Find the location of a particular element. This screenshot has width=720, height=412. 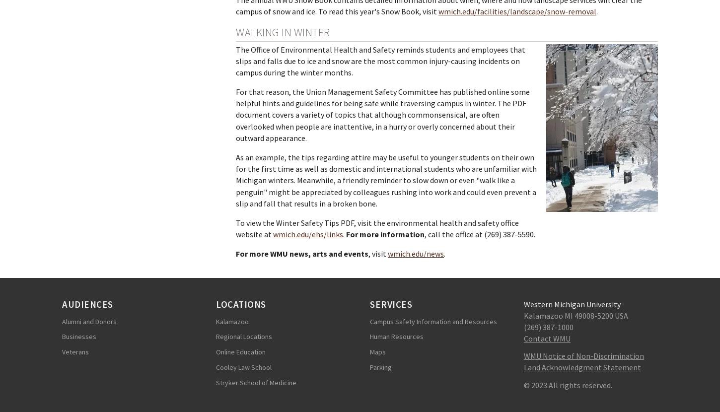

'Kalamazoo MI 49008-5200 USA' is located at coordinates (576, 315).